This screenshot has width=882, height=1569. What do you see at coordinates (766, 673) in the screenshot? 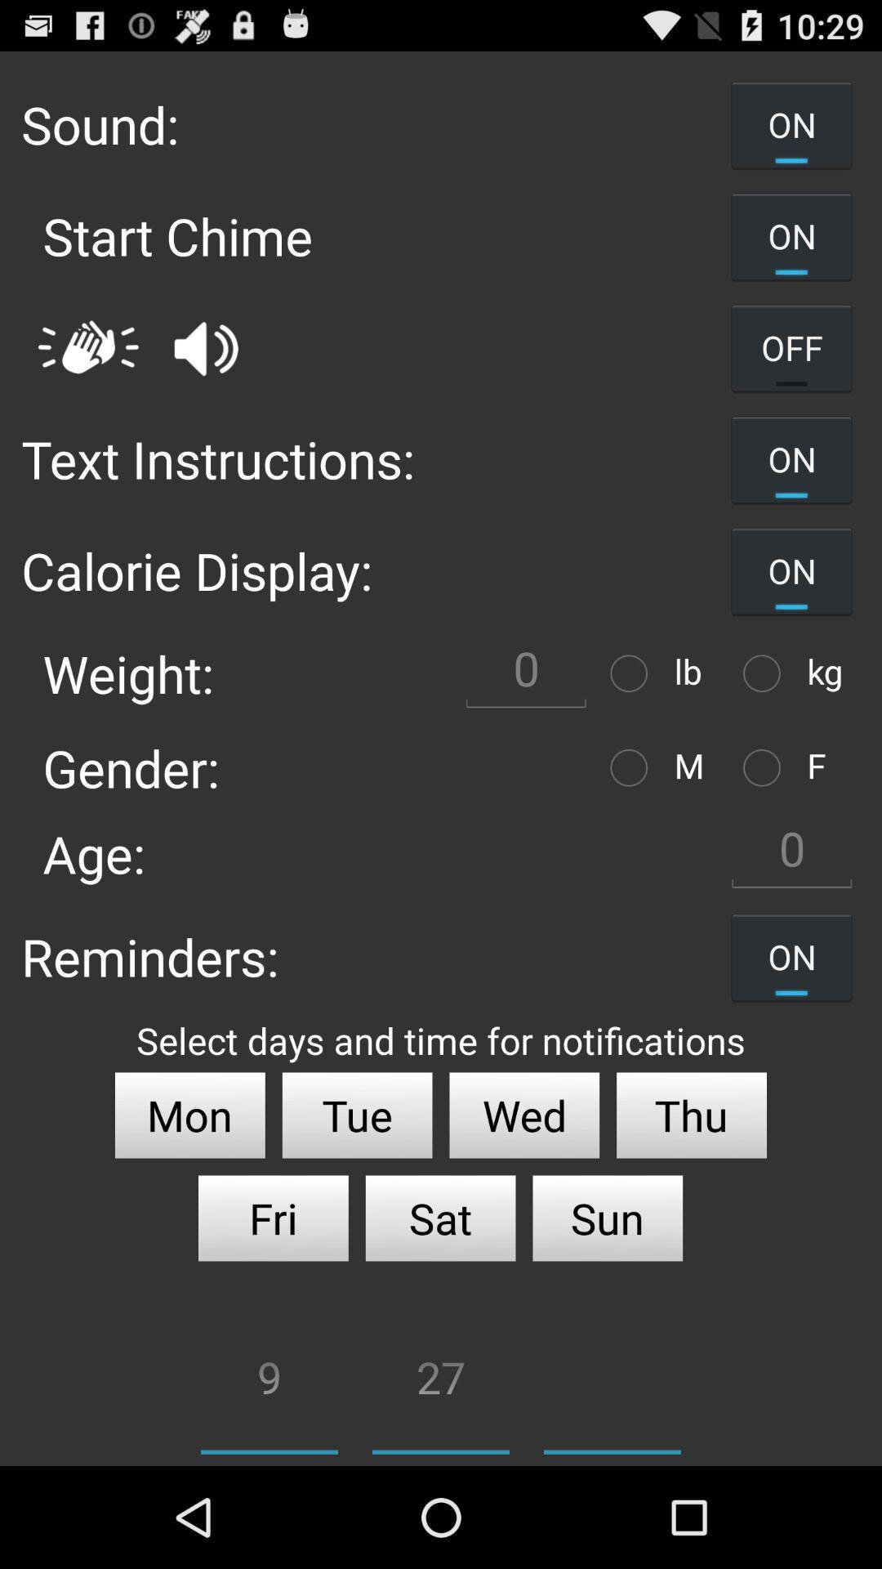
I see `option` at bounding box center [766, 673].